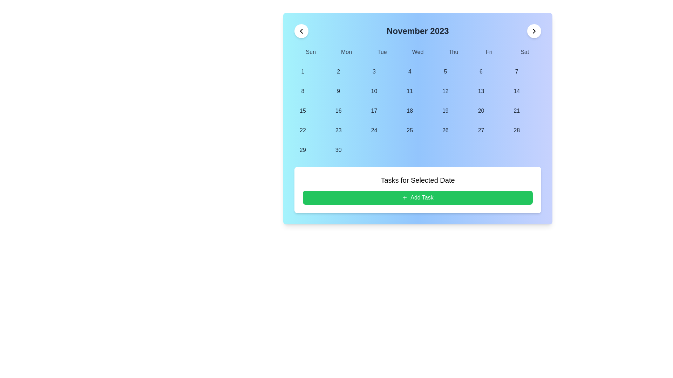  Describe the element at coordinates (481, 131) in the screenshot. I see `the interactive button representing the 27th day in the November 2023 calendar` at that location.